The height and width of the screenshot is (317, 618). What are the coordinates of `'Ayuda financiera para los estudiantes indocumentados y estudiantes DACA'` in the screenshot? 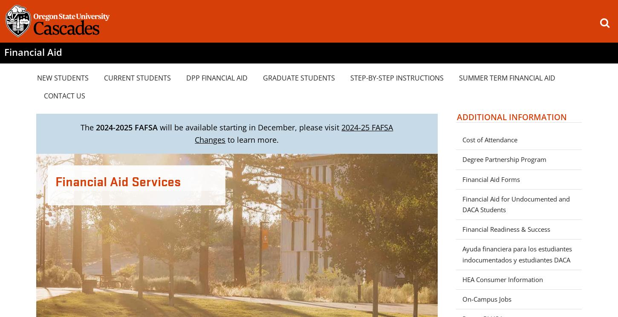 It's located at (517, 254).